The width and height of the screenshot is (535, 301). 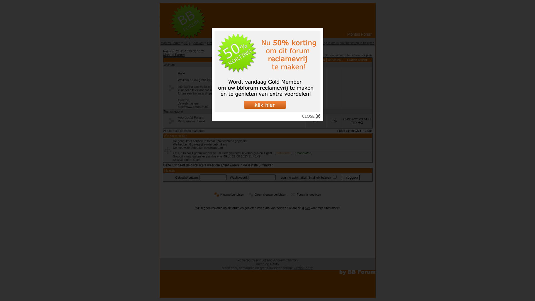 I want to click on 'tuhouyuan', so click(x=215, y=147).